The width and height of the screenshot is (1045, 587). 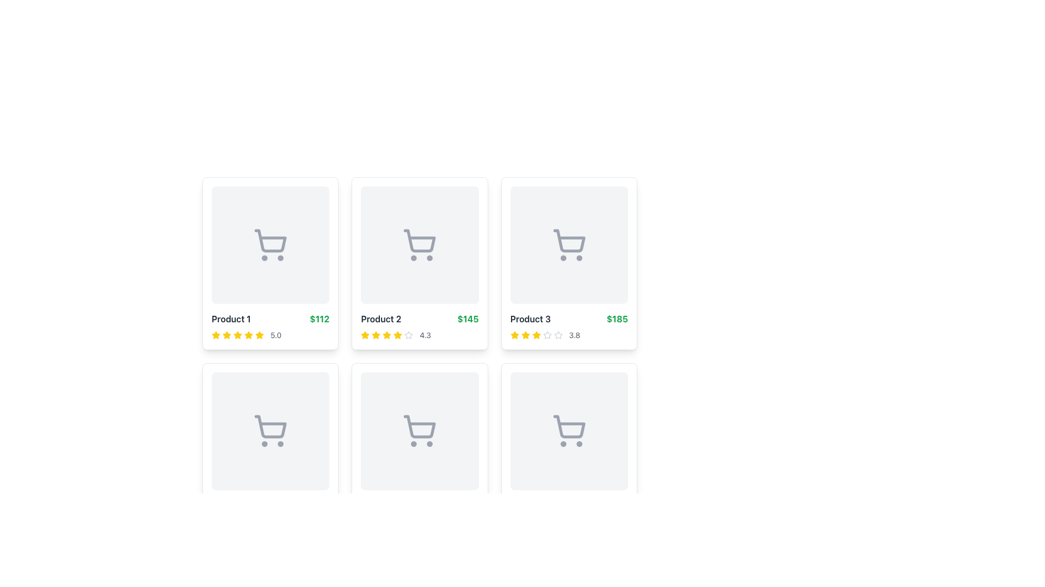 What do you see at coordinates (271, 335) in the screenshot?
I see `displayed rating value of the product, which is represented by a rating display with stars and a score text indicating a score of 5.0, located within the card layout for 'Product 1'` at bounding box center [271, 335].